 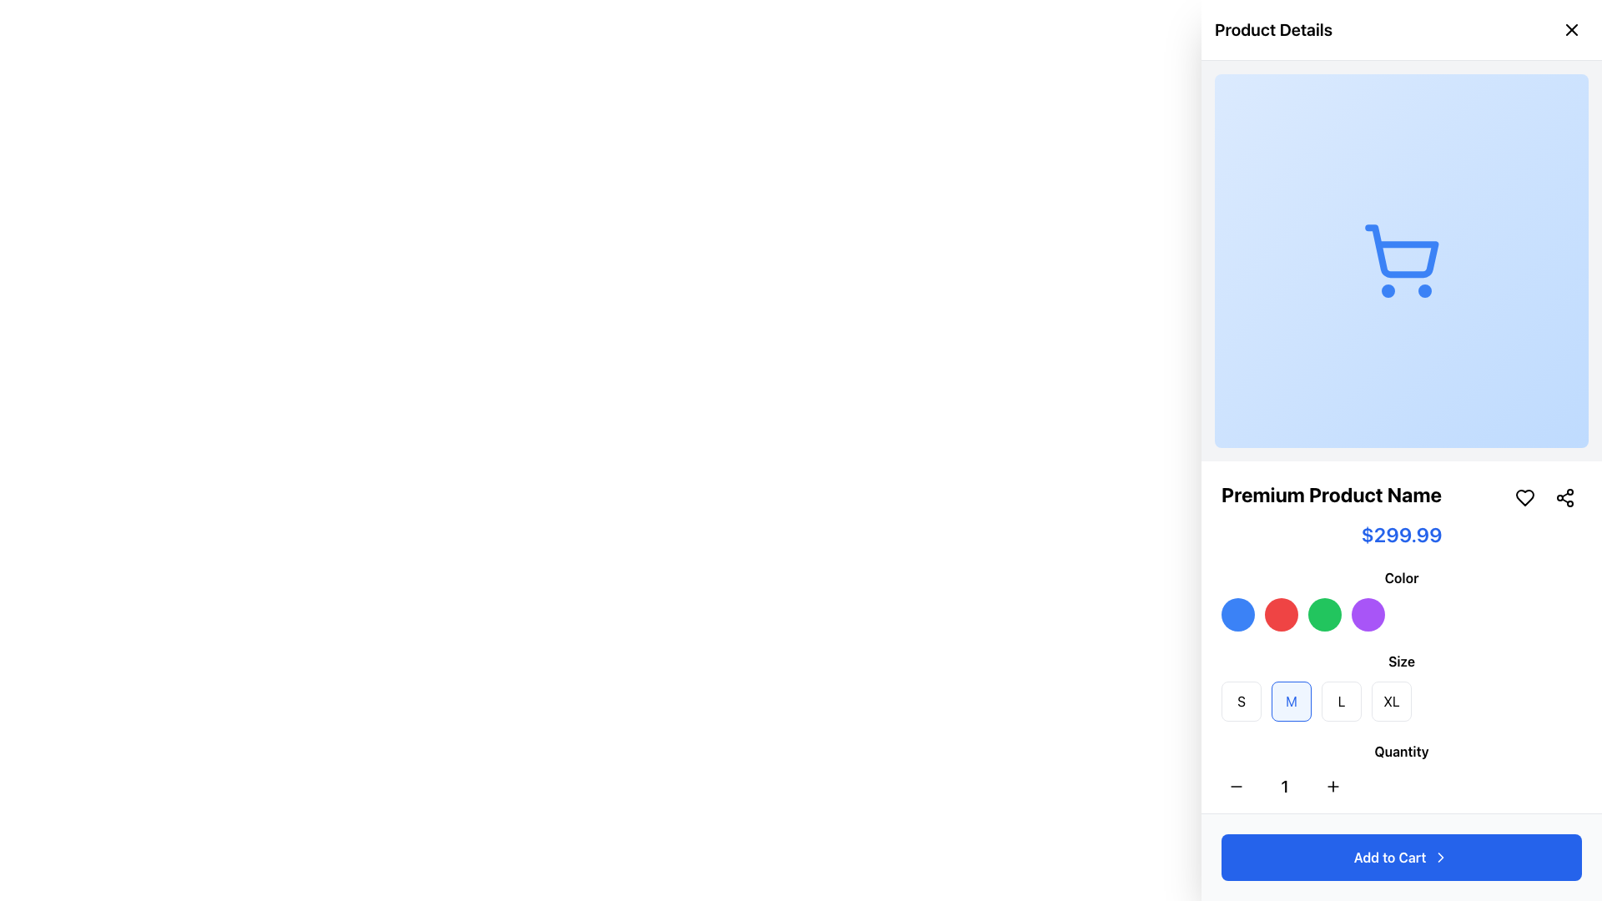 I want to click on the 'X' close button located at the top-right corner of the 'Product Details' pane, so click(x=1570, y=29).